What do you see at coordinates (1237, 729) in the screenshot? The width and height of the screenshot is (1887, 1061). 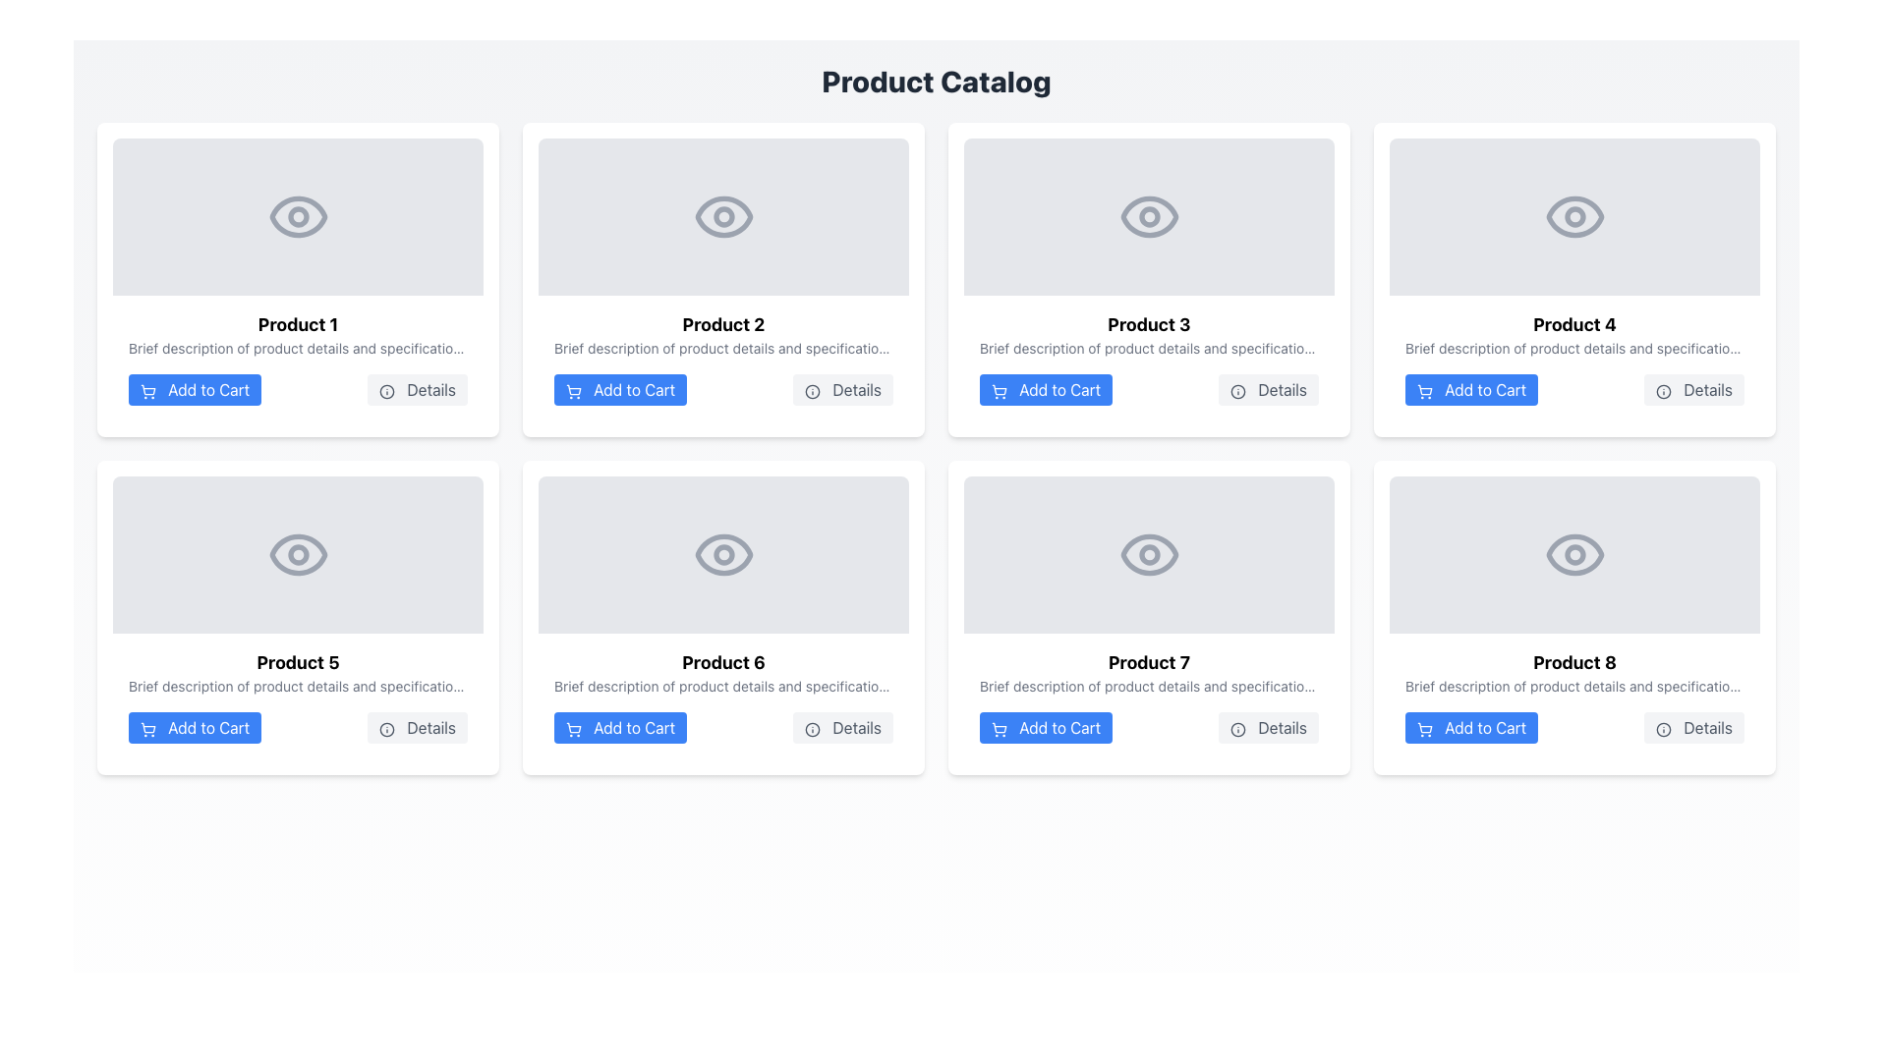 I see `the information icon embedded within the 'Details' button for Product 7, located in the bottom-right section of the Product 7 card in the product catalog` at bounding box center [1237, 729].